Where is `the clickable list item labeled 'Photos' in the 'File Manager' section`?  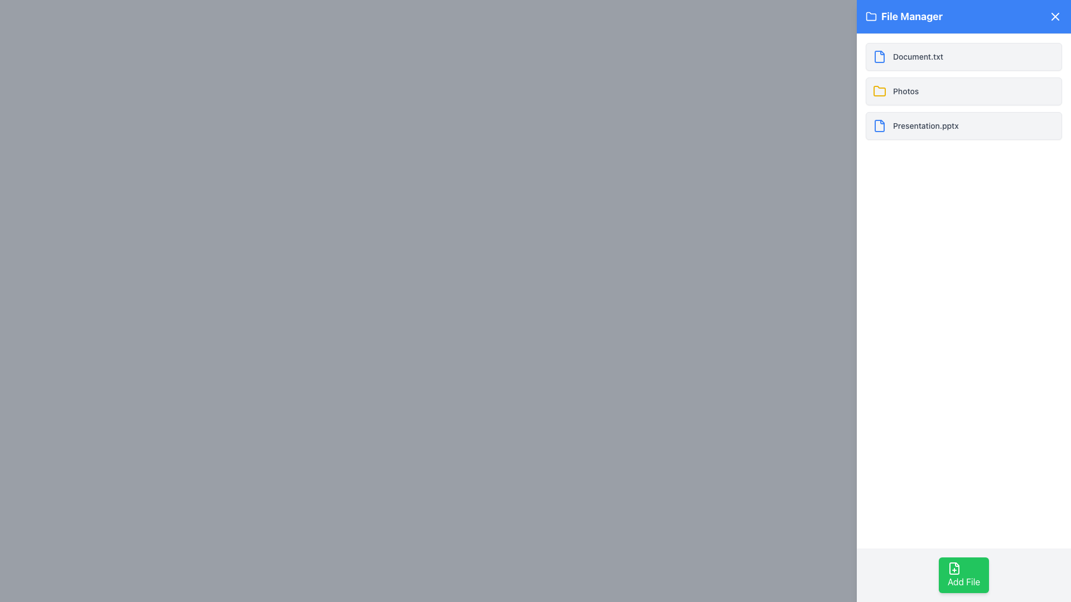
the clickable list item labeled 'Photos' in the 'File Manager' section is located at coordinates (963, 91).